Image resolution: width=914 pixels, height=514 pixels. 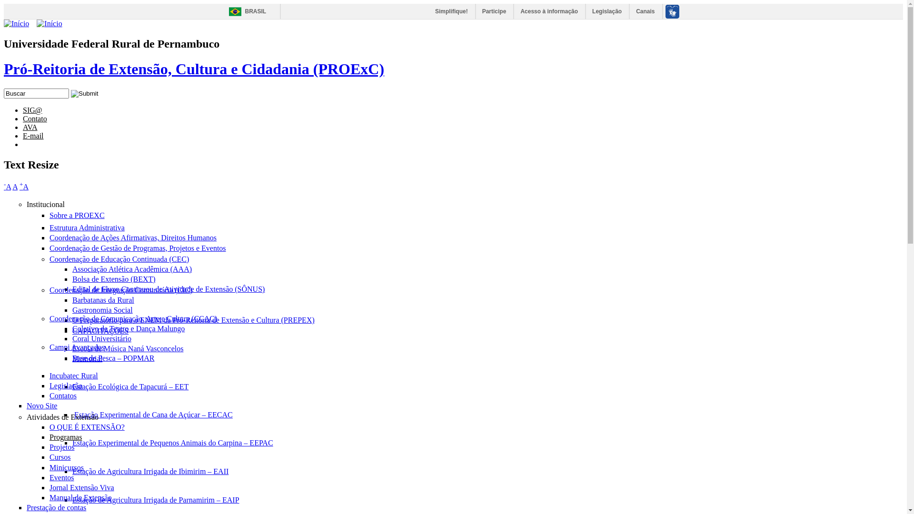 What do you see at coordinates (65, 437) in the screenshot?
I see `'Programas'` at bounding box center [65, 437].